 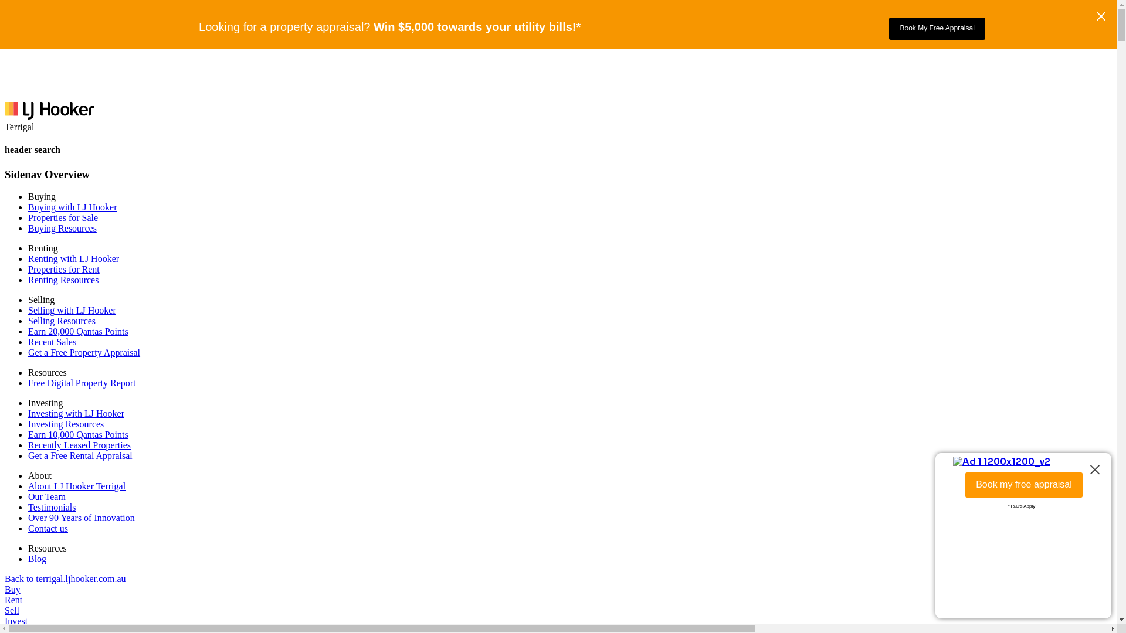 What do you see at coordinates (80, 455) in the screenshot?
I see `'Get a Free Rental Appraisal'` at bounding box center [80, 455].